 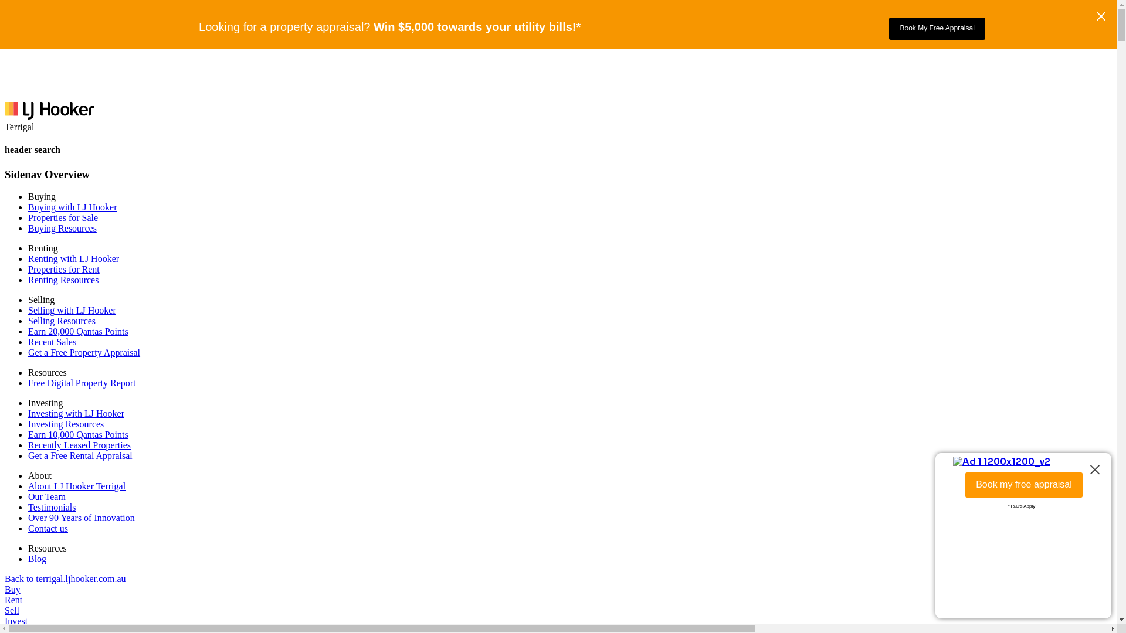 What do you see at coordinates (80, 455) in the screenshot?
I see `'Get a Free Rental Appraisal'` at bounding box center [80, 455].